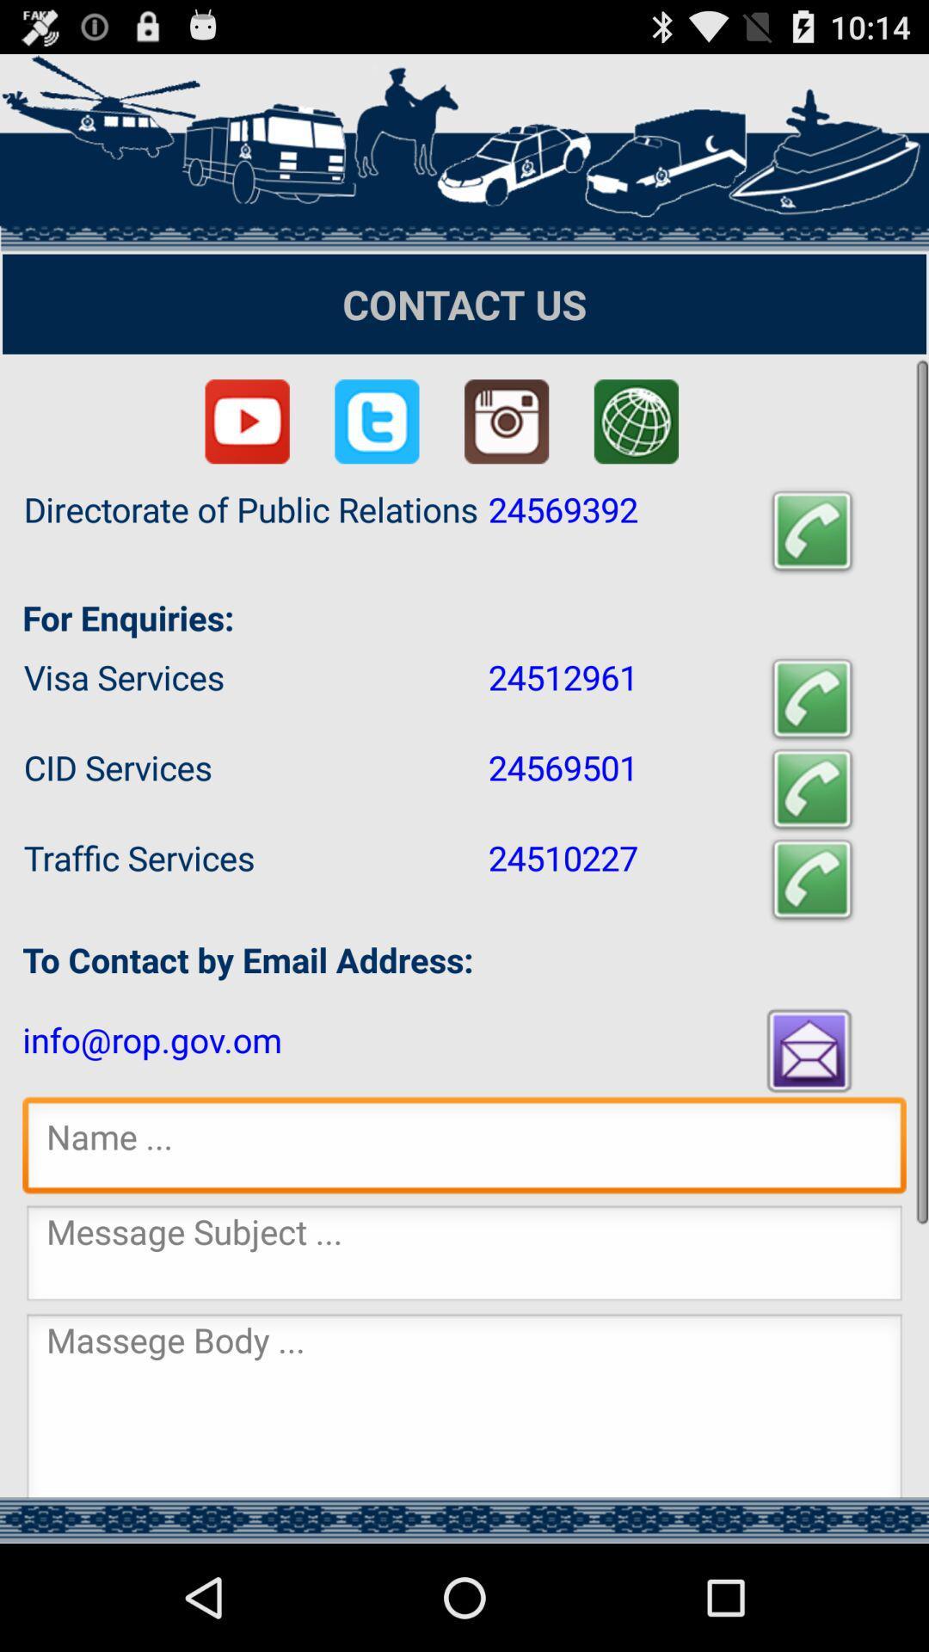 This screenshot has height=1652, width=929. Describe the element at coordinates (464, 1405) in the screenshot. I see `message text` at that location.